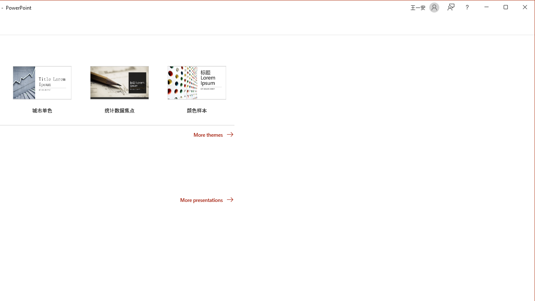 Image resolution: width=535 pixels, height=301 pixels. What do you see at coordinates (530, 25) in the screenshot?
I see `'Class: NetUIScrollBar'` at bounding box center [530, 25].